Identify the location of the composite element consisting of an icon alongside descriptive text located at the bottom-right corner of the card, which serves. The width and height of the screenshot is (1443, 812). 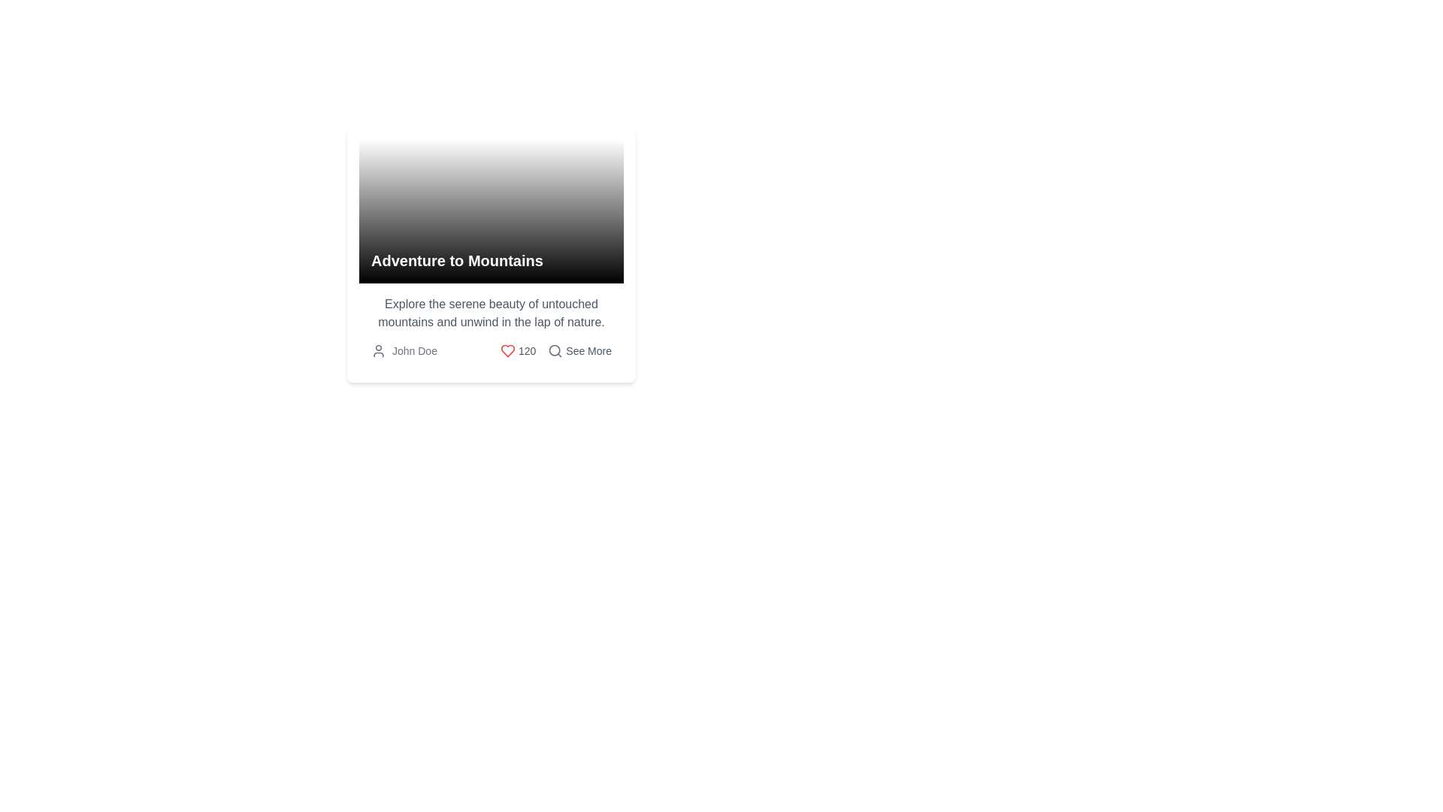
(579, 350).